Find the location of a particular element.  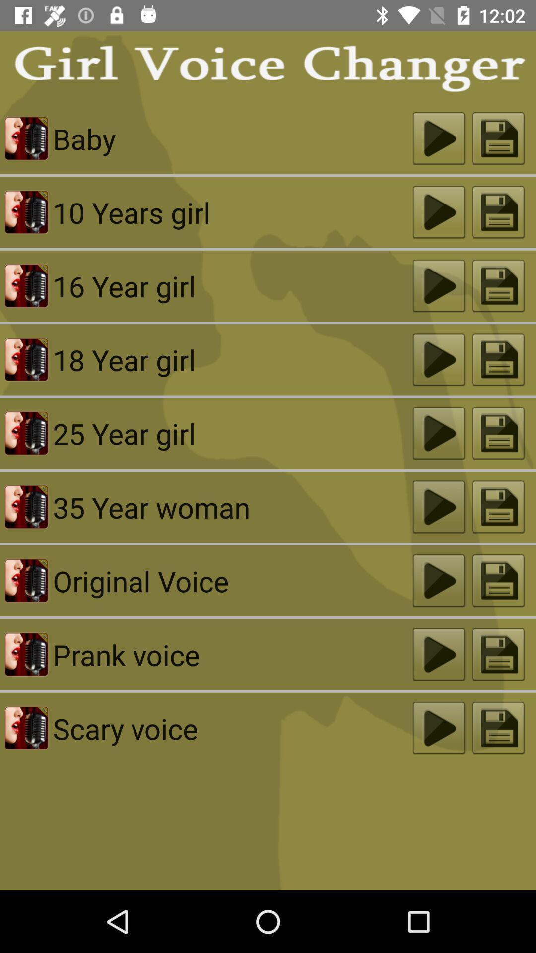

the 35 year woman item is located at coordinates (233, 507).